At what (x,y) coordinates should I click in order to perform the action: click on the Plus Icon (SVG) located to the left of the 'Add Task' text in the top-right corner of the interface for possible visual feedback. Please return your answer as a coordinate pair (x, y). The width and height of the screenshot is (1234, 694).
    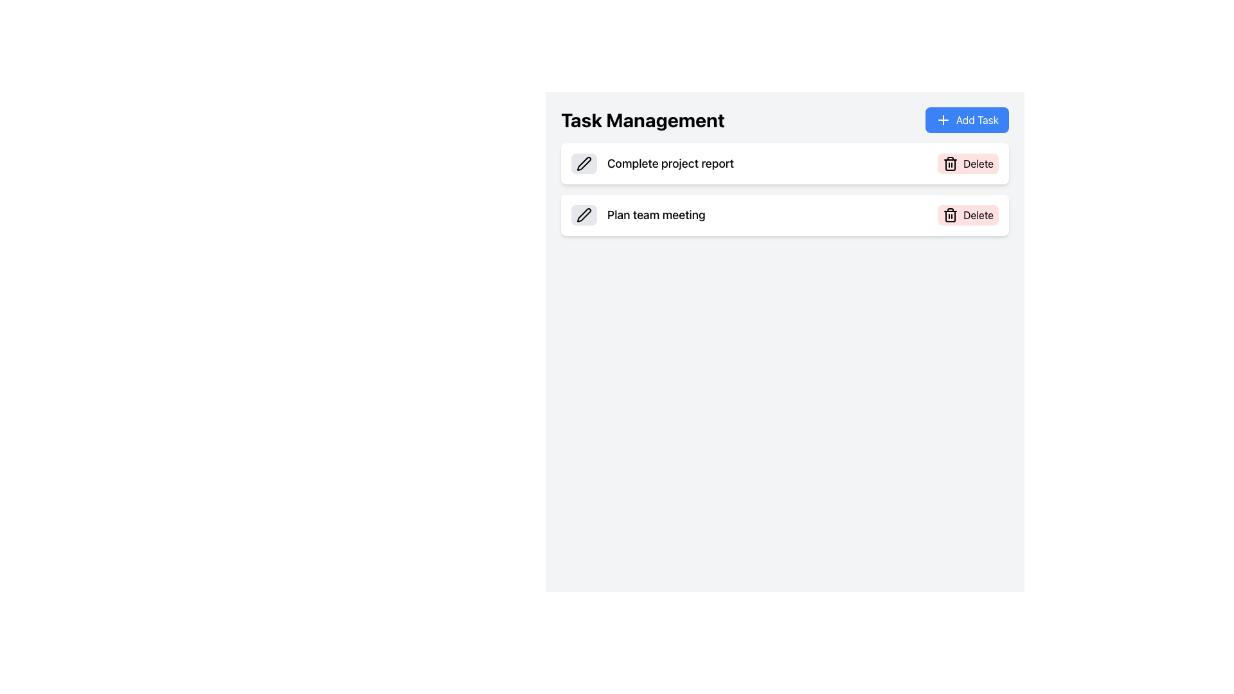
    Looking at the image, I should click on (943, 120).